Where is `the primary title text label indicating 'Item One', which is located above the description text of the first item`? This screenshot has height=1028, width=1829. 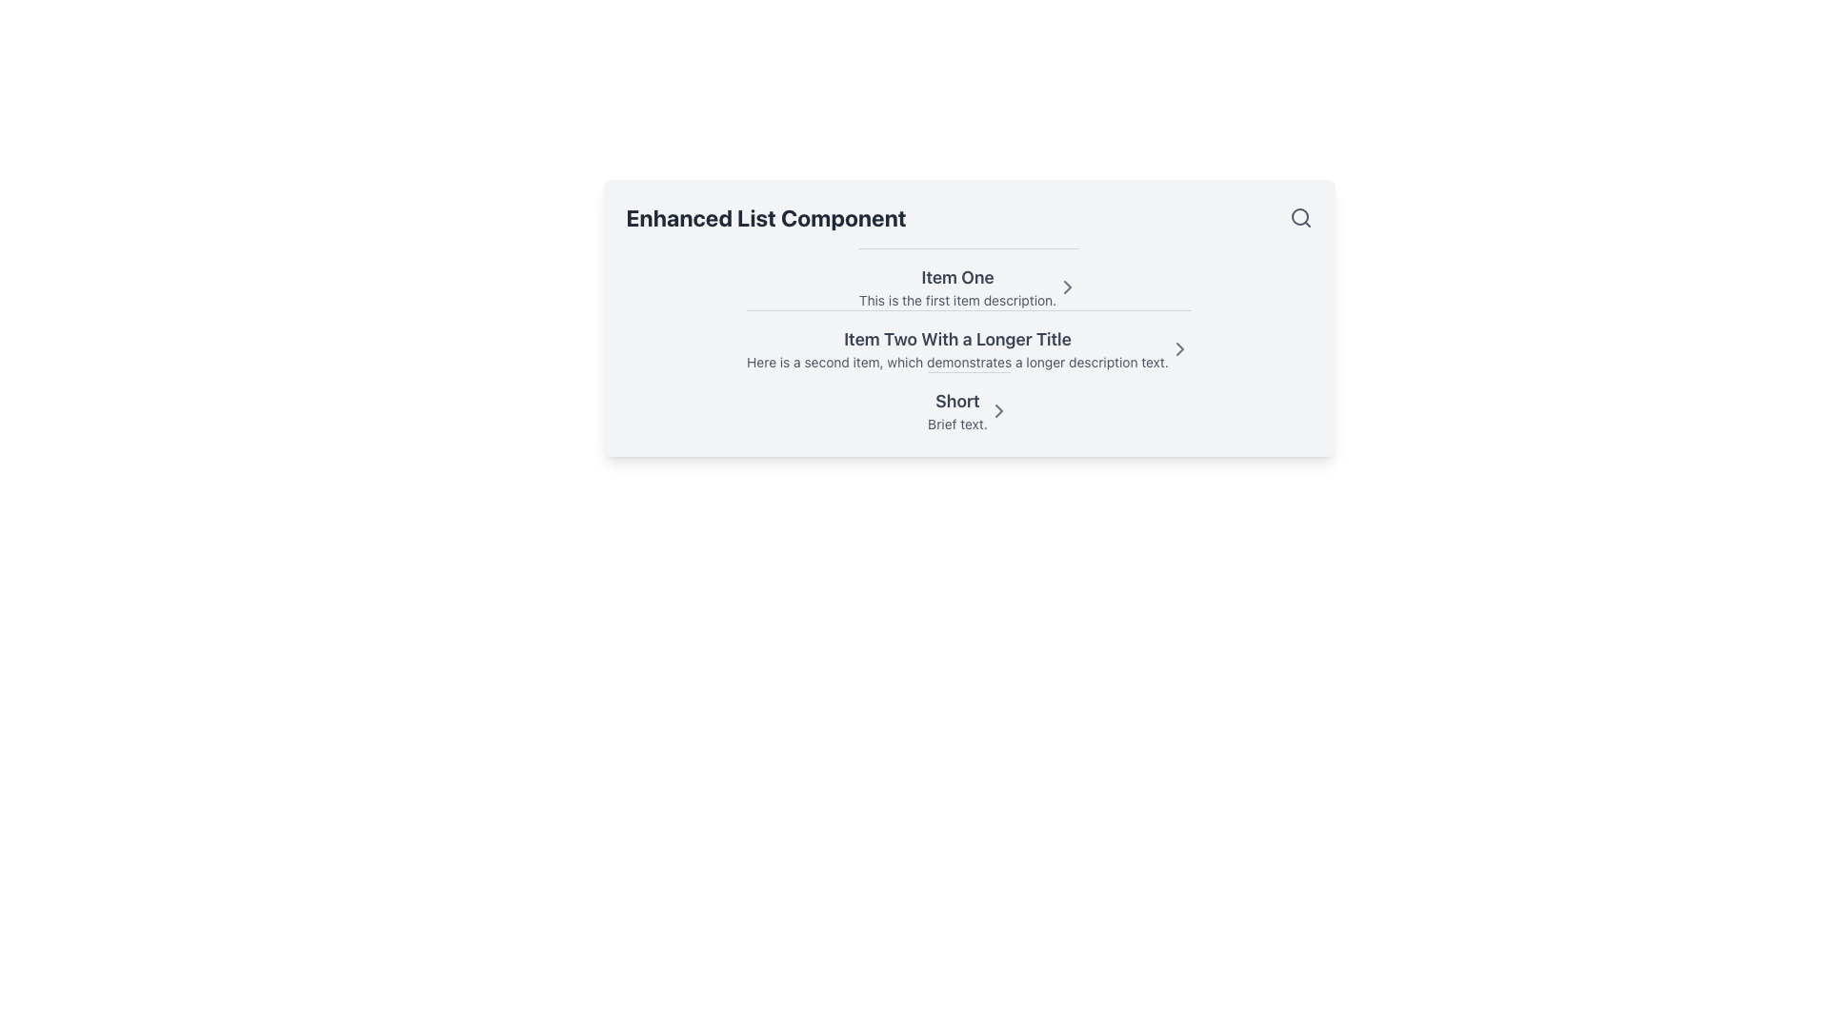 the primary title text label indicating 'Item One', which is located above the description text of the first item is located at coordinates (957, 278).